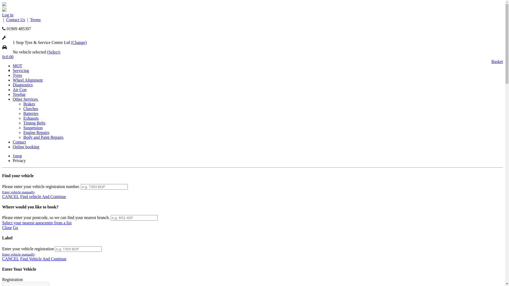 The width and height of the screenshot is (509, 286). I want to click on 'Enter vehicle manually', so click(19, 192).